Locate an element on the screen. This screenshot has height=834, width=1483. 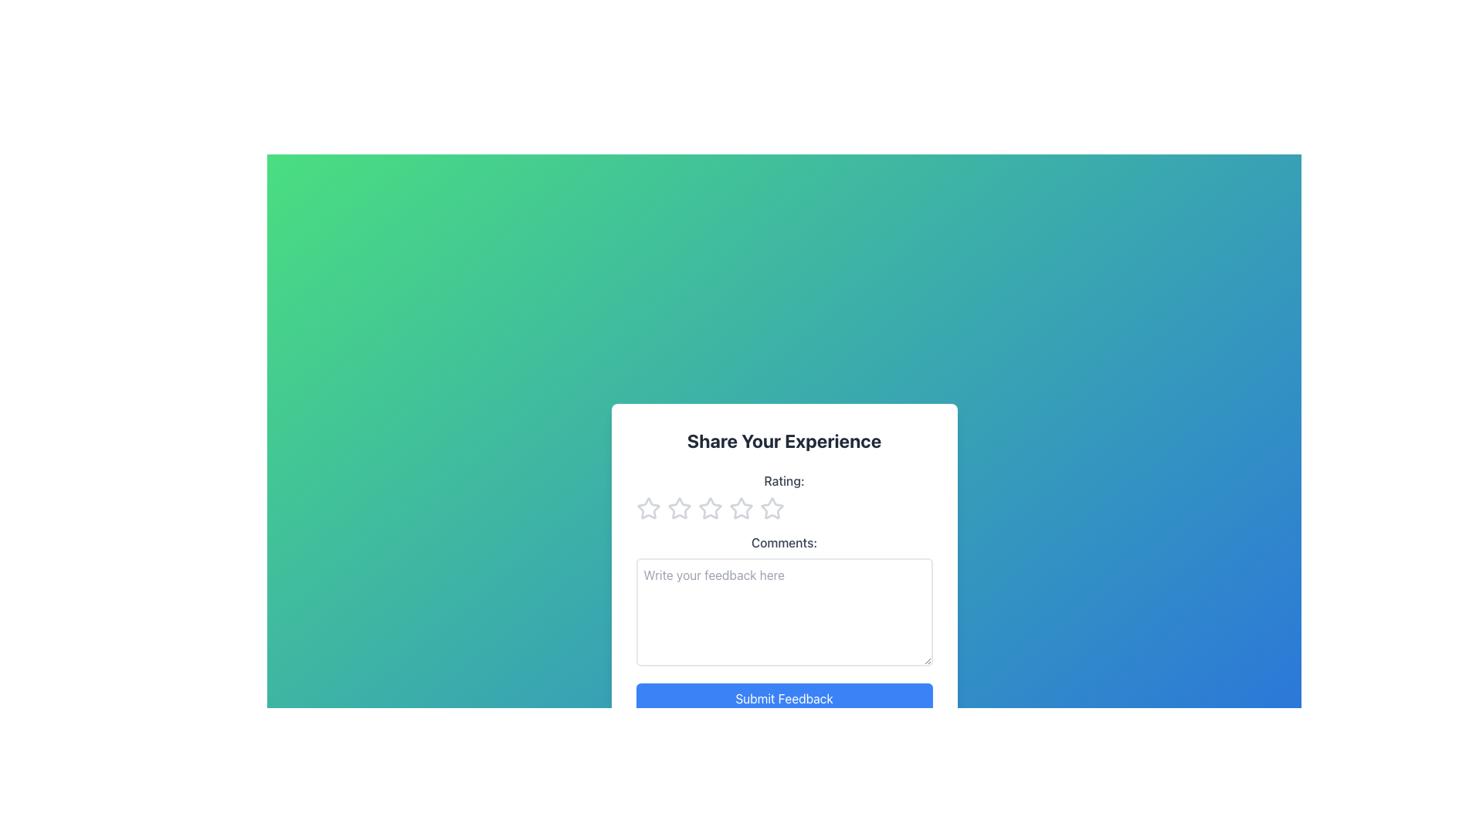
the bold heading with the text 'Share Your Experience' at the top of the feedback form interface is located at coordinates (784, 440).